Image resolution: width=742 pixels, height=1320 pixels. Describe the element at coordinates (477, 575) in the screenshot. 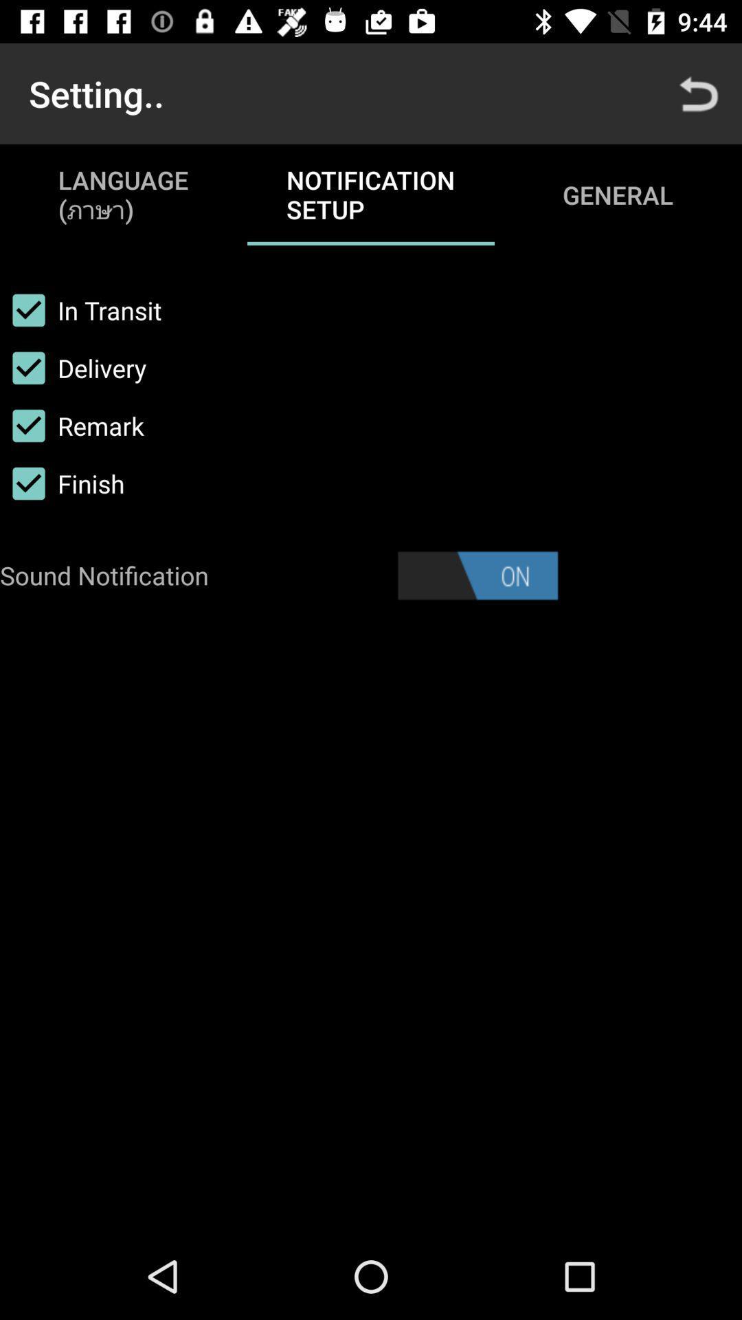

I see `app to the right of sound notification app` at that location.